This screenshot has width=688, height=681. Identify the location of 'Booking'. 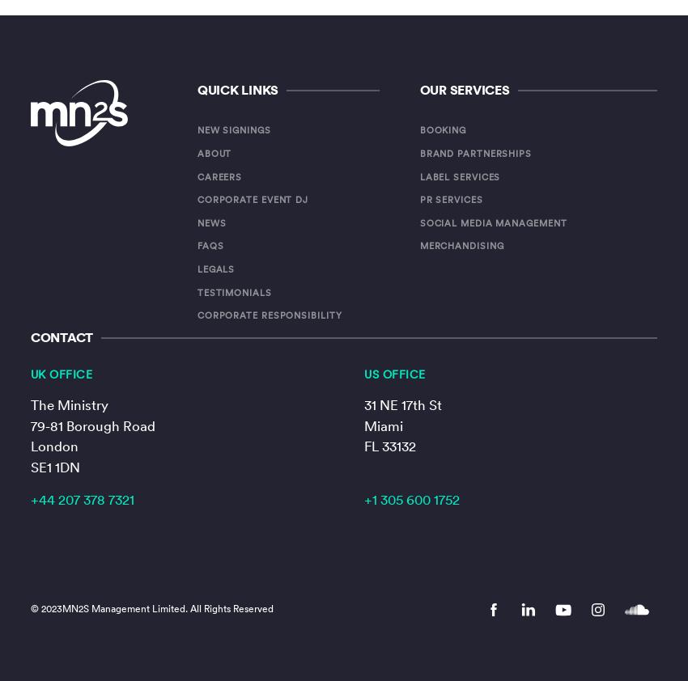
(418, 129).